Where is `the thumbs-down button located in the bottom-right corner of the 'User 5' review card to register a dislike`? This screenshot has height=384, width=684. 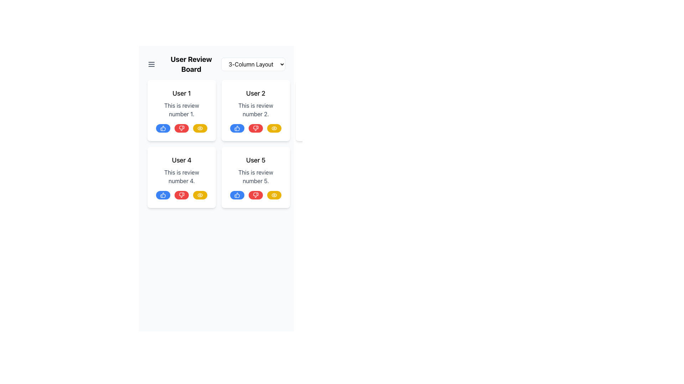
the thumbs-down button located in the bottom-right corner of the 'User 5' review card to register a dislike is located at coordinates (256, 195).